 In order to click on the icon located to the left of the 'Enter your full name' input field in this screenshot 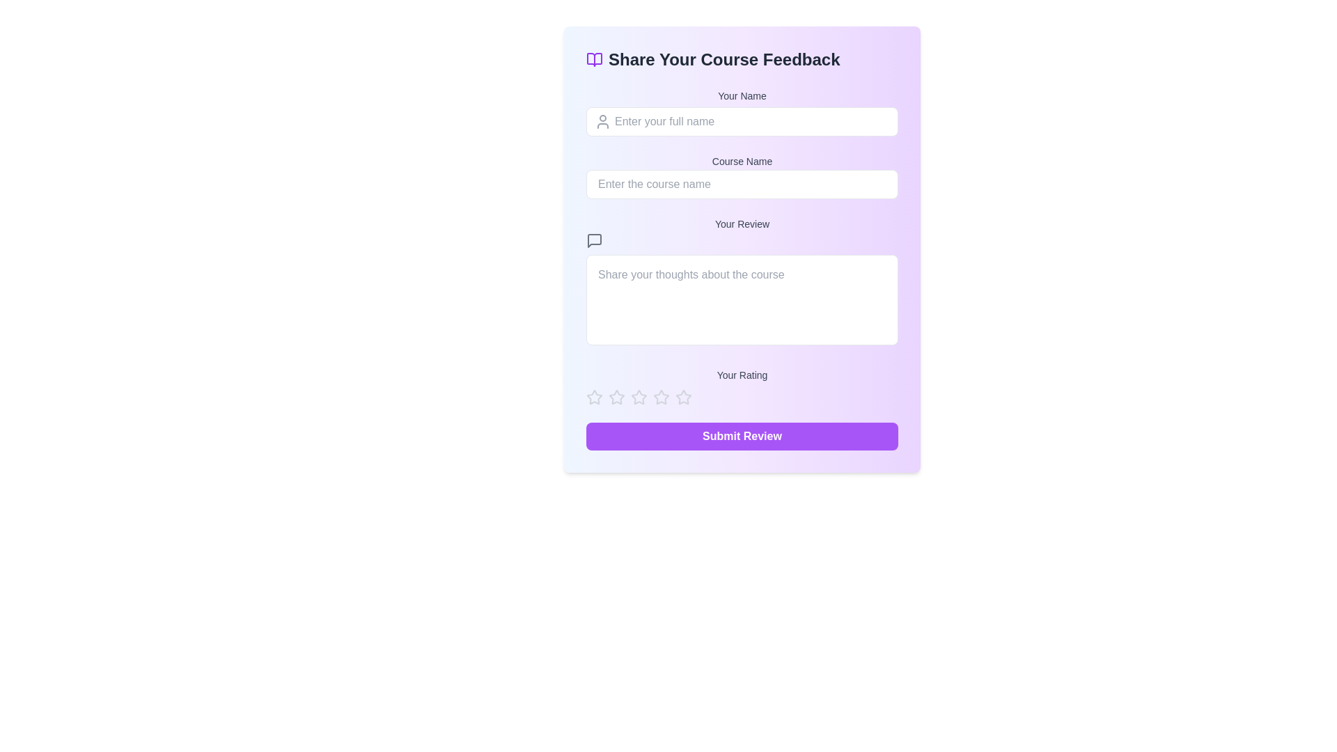, I will do `click(602, 120)`.